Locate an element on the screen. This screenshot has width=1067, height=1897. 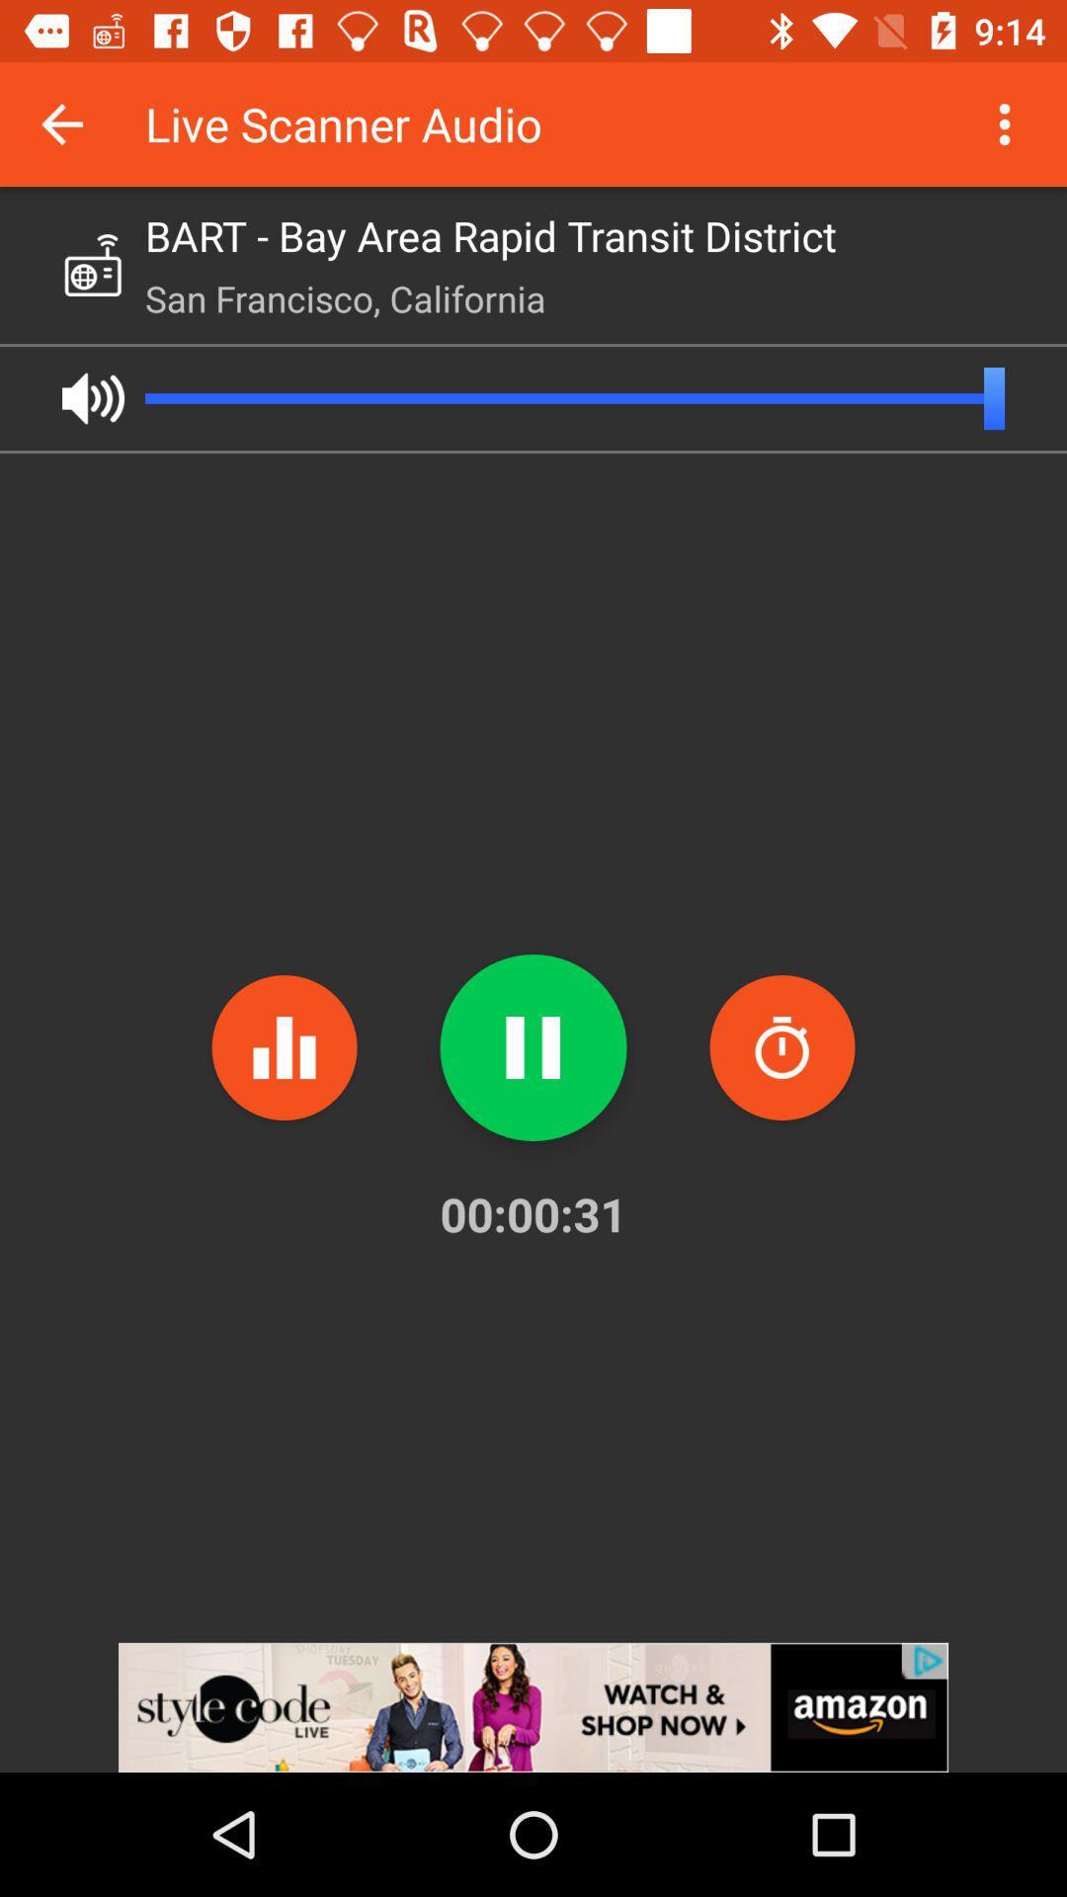
the volume icon is located at coordinates (93, 397).